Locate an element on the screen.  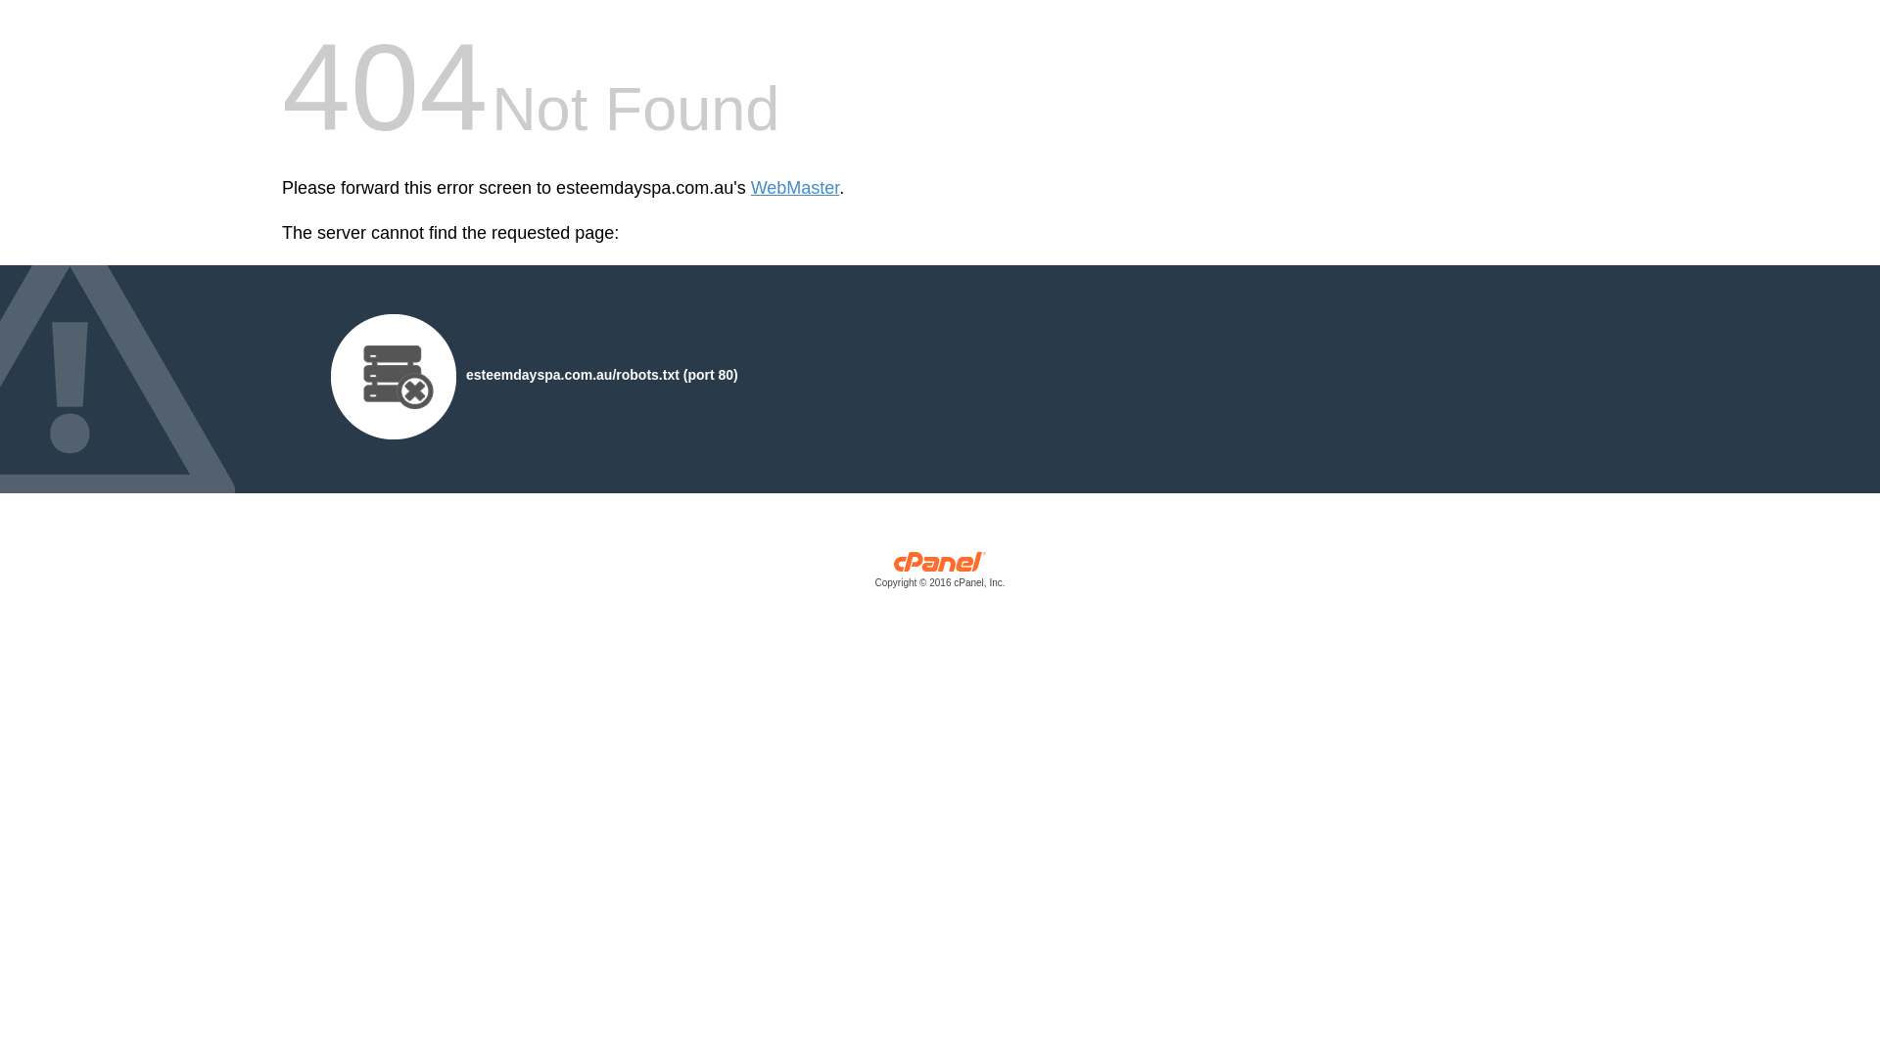
'WebMaster' is located at coordinates (795, 188).